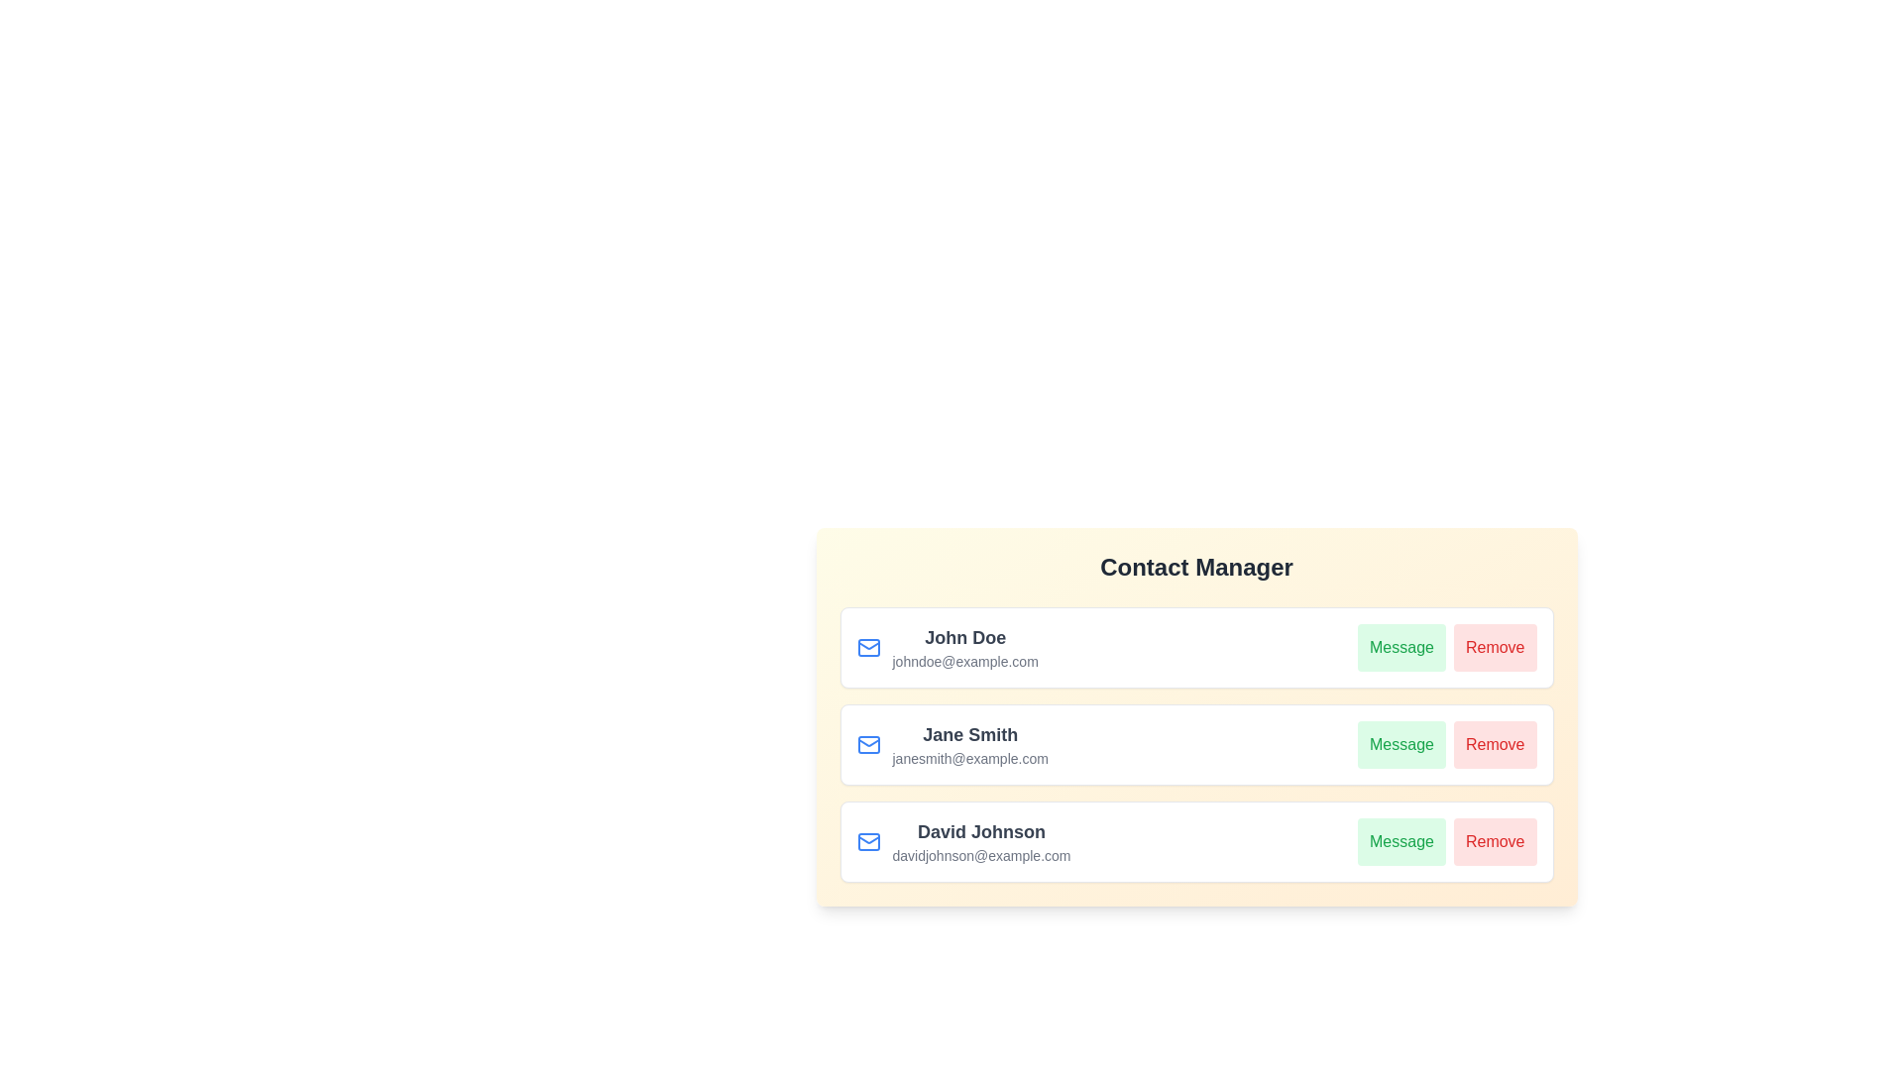  What do you see at coordinates (1495, 648) in the screenshot?
I see `Remove button for the contact John Doe` at bounding box center [1495, 648].